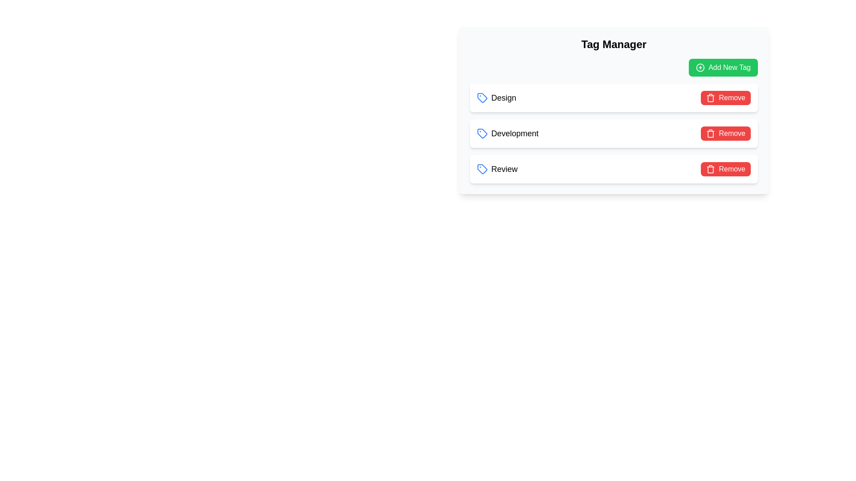 Image resolution: width=856 pixels, height=481 pixels. What do you see at coordinates (481, 98) in the screenshot?
I see `the blue tag icon located in the 'Design' section, positioned before the 'Design' text` at bounding box center [481, 98].